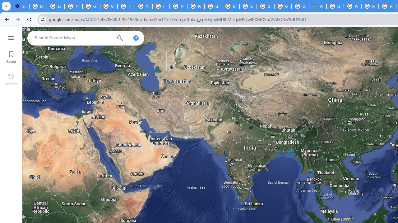 The height and width of the screenshot is (223, 398). Describe the element at coordinates (135, 38) in the screenshot. I see `'Directions'` at that location.